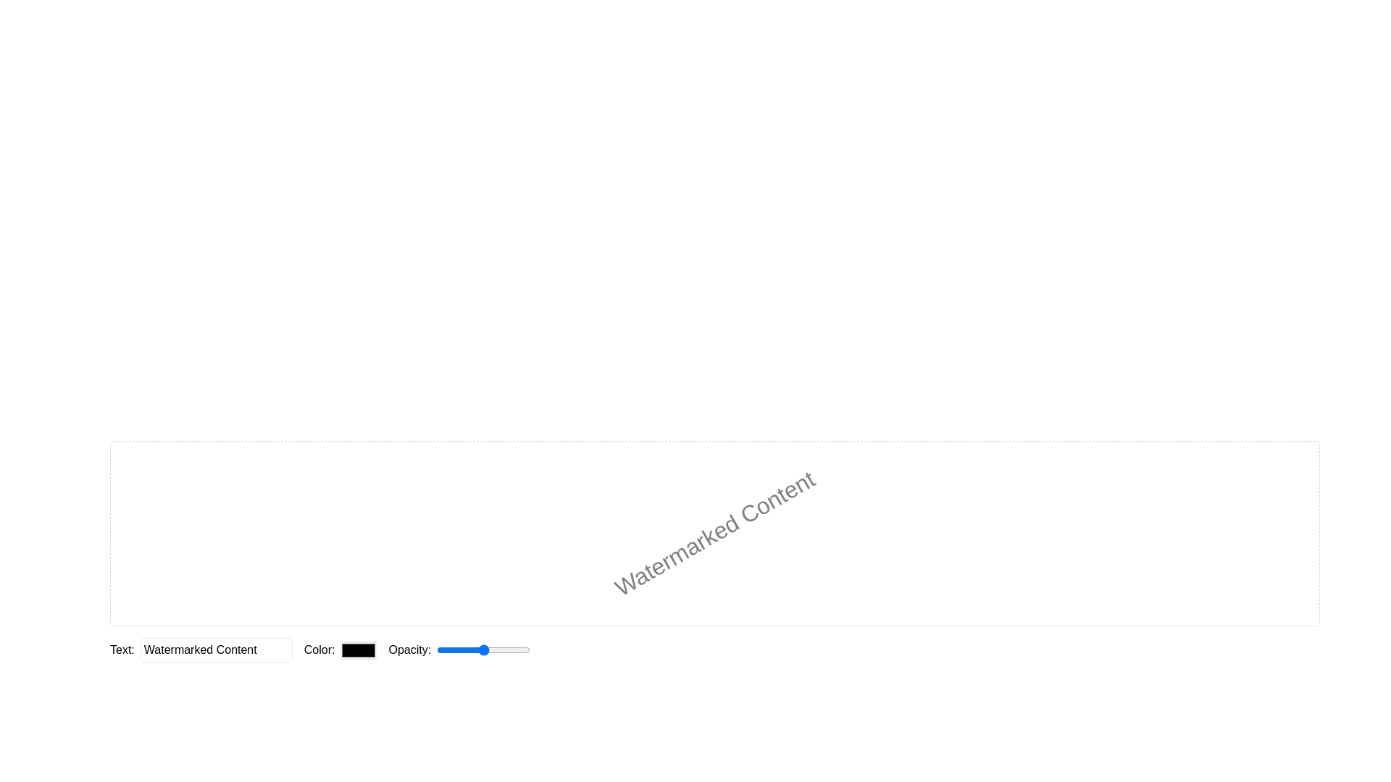 The image size is (1391, 782). Describe the element at coordinates (498, 649) in the screenshot. I see `the opacity value` at that location.